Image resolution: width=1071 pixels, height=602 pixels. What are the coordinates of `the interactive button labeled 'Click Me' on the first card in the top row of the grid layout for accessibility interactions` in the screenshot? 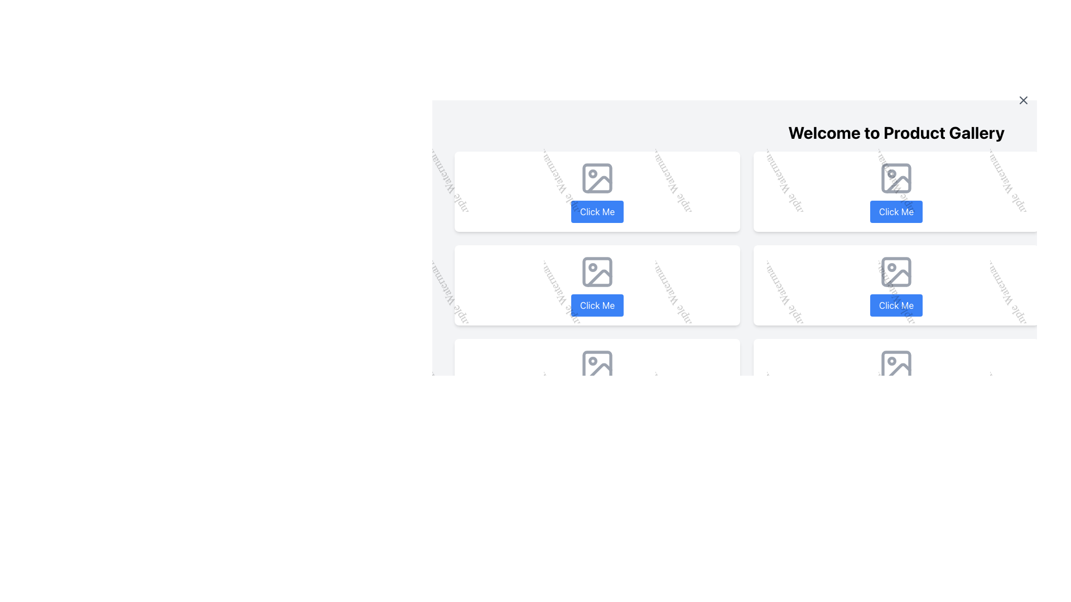 It's located at (596, 191).